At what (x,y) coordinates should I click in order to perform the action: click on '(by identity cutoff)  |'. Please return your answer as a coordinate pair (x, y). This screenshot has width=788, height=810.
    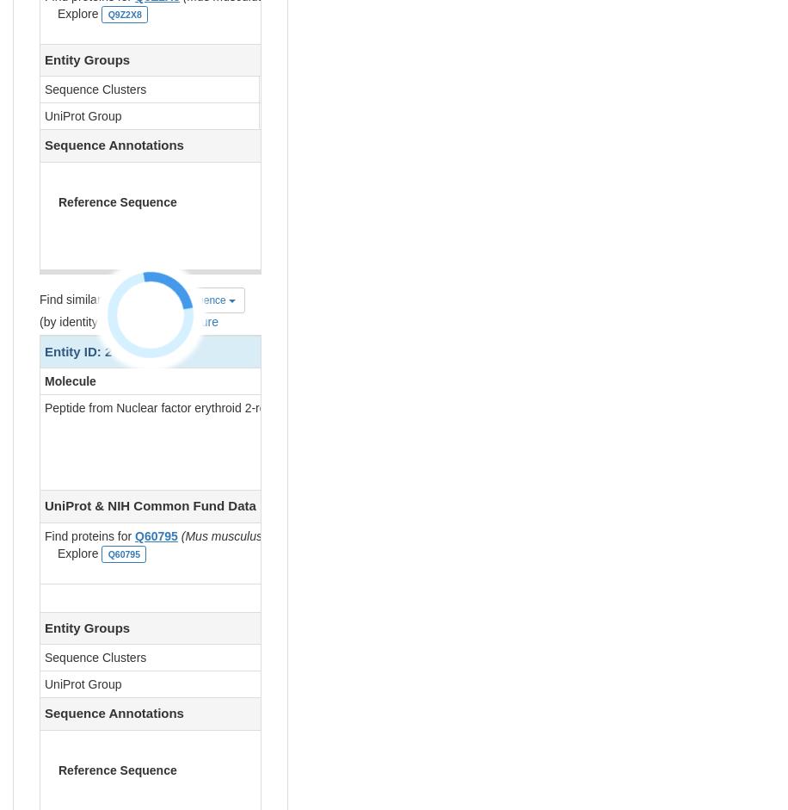
    Looking at the image, I should click on (39, 321).